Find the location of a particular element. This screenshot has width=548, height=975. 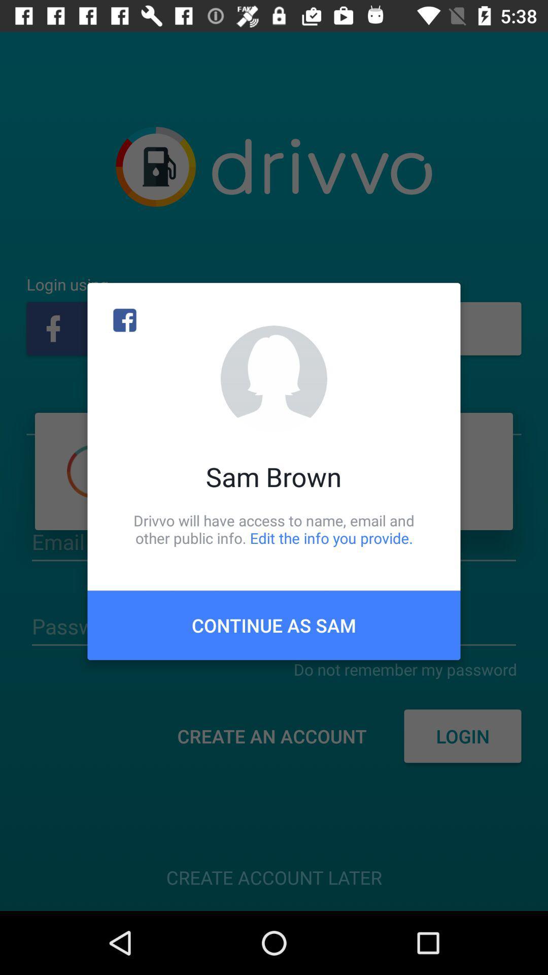

drivvo will have item is located at coordinates (274, 529).